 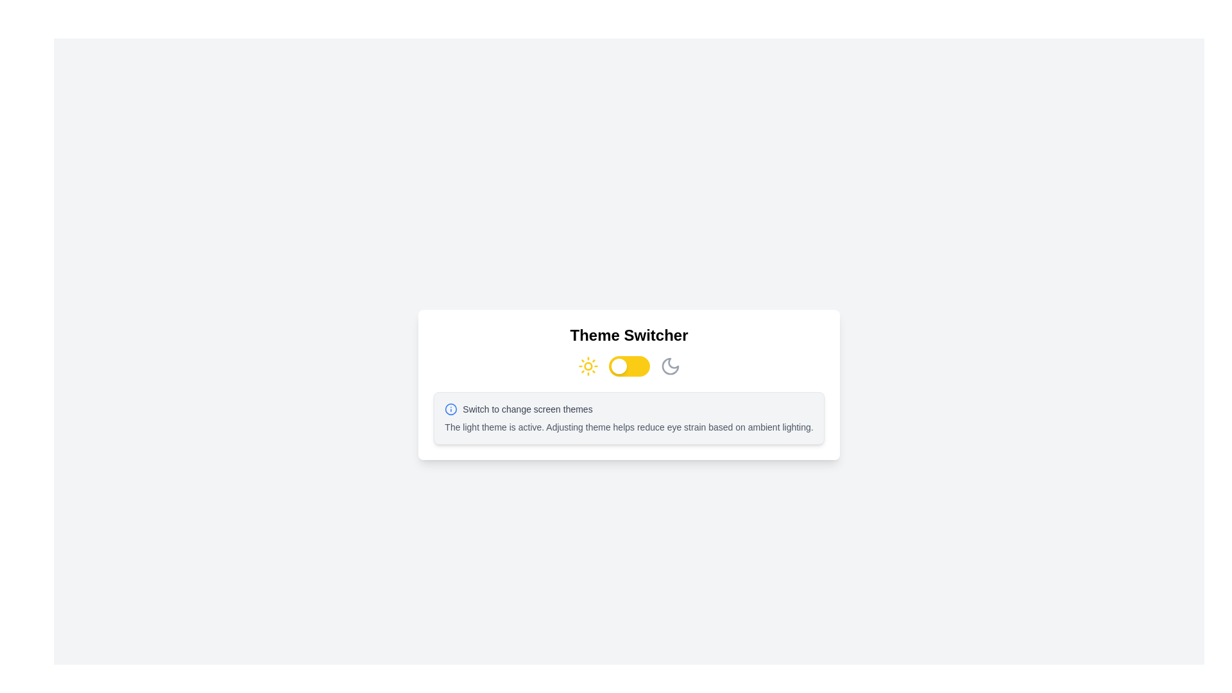 What do you see at coordinates (587, 366) in the screenshot?
I see `the SVG circle element that visually represents the light theme, located inside the sun icon to the left of the toggle switch in the header of the 'Theme Switcher' panel` at bounding box center [587, 366].